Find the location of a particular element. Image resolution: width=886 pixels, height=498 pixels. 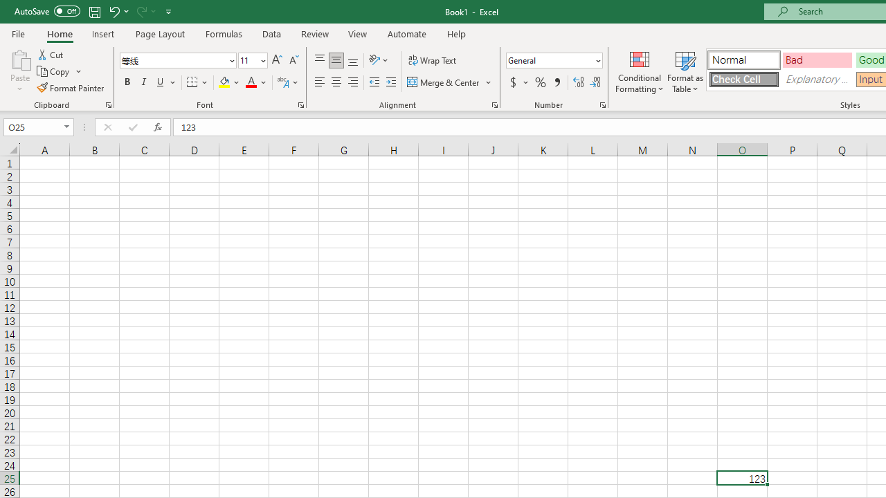

'Align Left' is located at coordinates (319, 82).